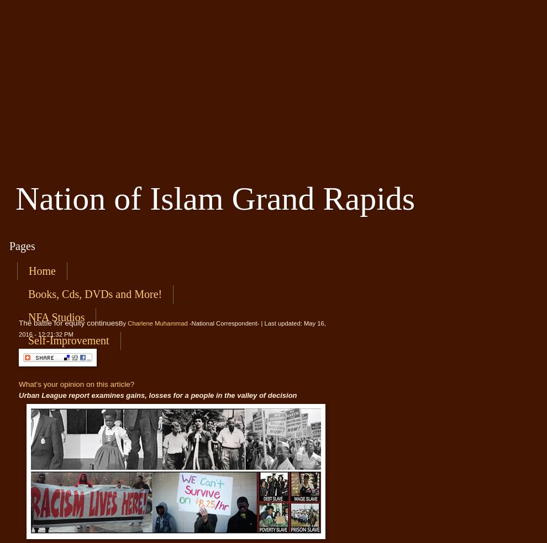  What do you see at coordinates (21, 246) in the screenshot?
I see `'Pages'` at bounding box center [21, 246].